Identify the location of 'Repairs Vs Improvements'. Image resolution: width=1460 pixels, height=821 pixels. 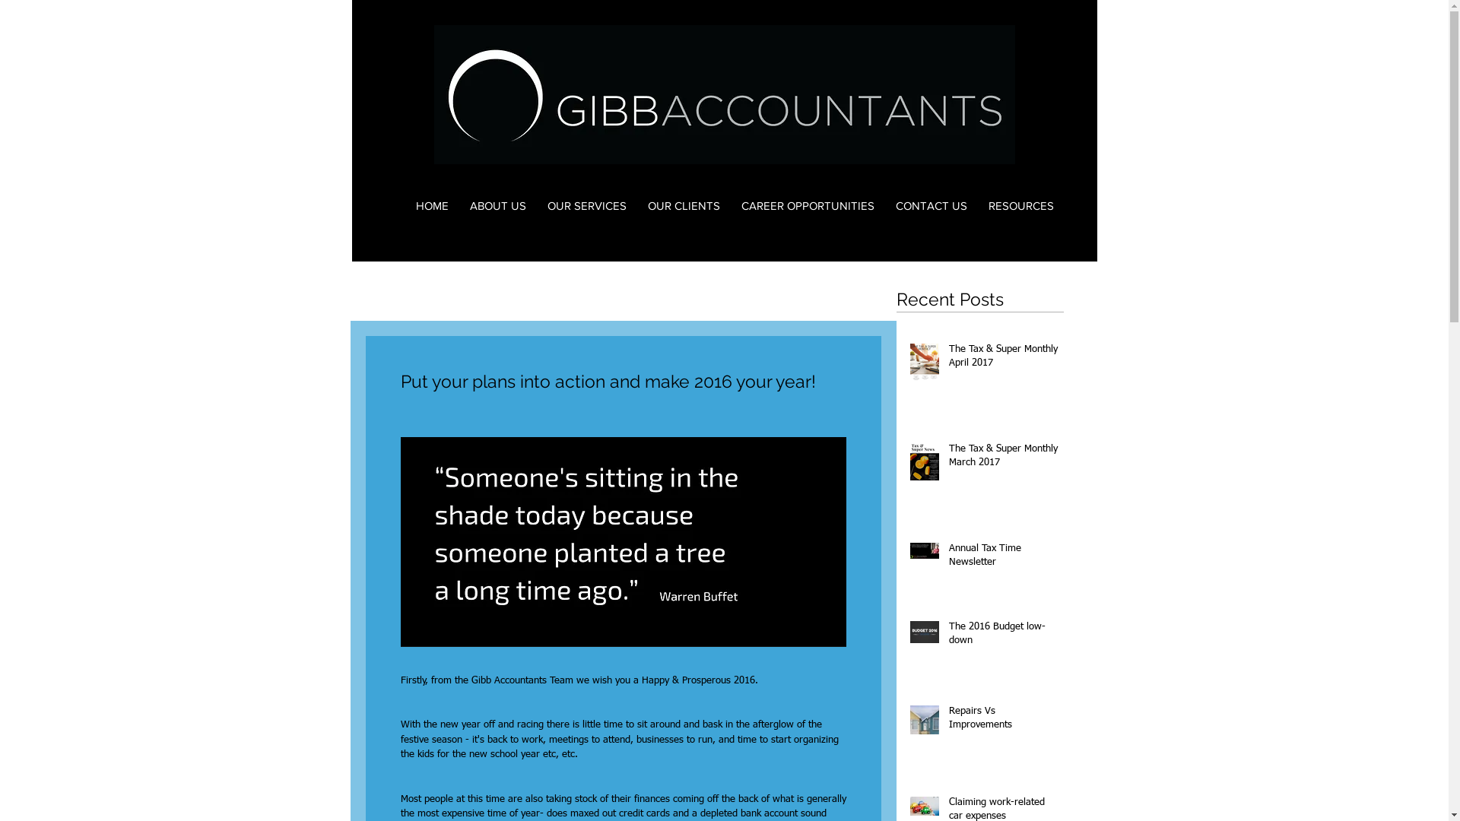
(948, 720).